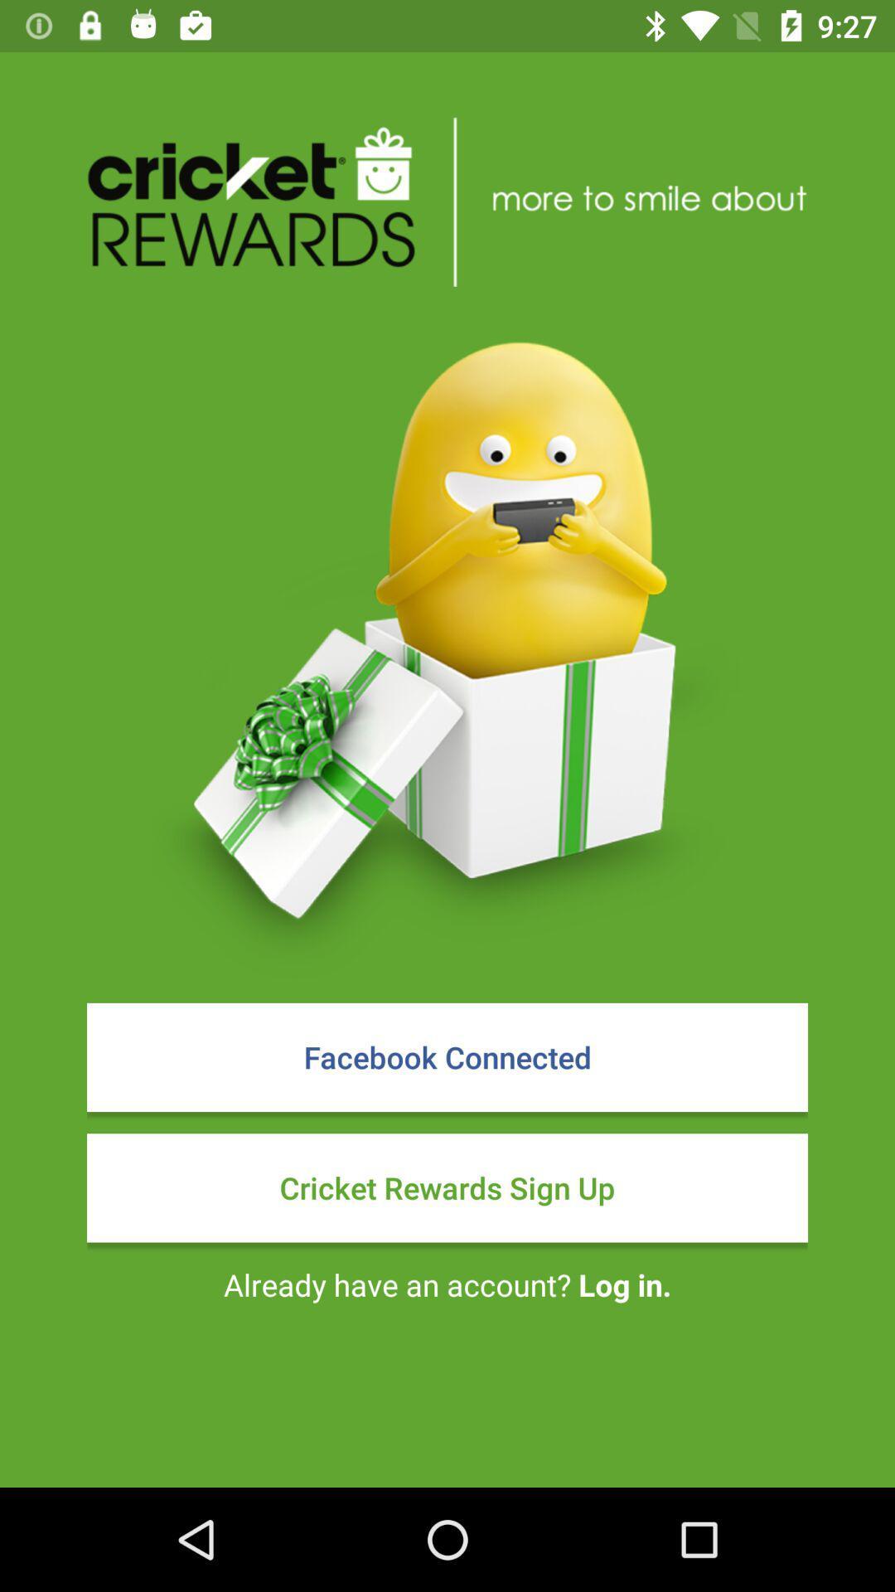 The width and height of the screenshot is (895, 1592). I want to click on the already have an item, so click(447, 1284).